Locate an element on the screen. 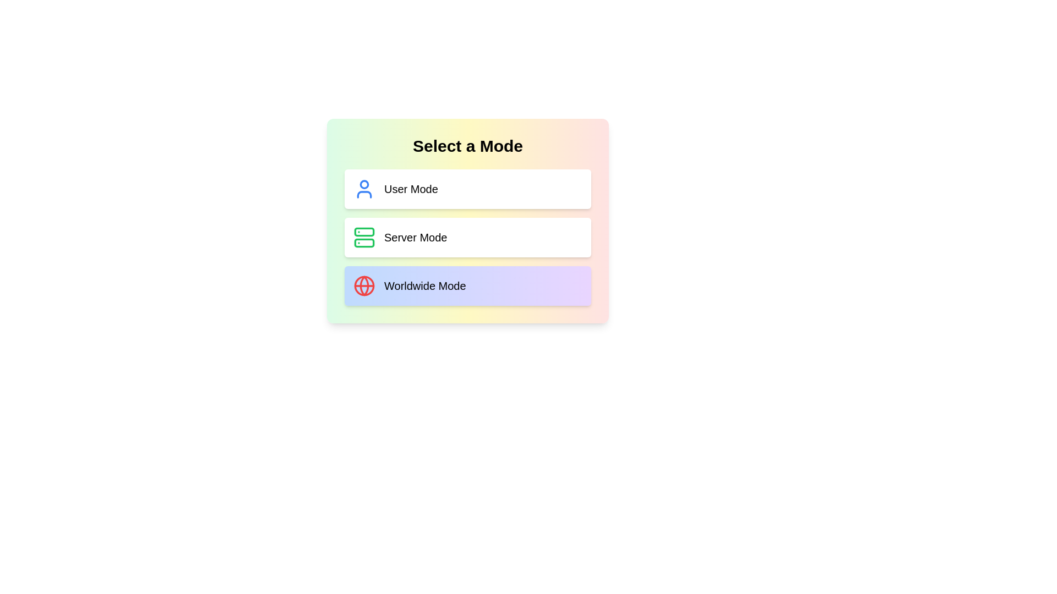  the 'Worldwide Mode' text label, which is styled with bold white text against a gradient background and positioned next to a red globe icon is located at coordinates (424, 285).